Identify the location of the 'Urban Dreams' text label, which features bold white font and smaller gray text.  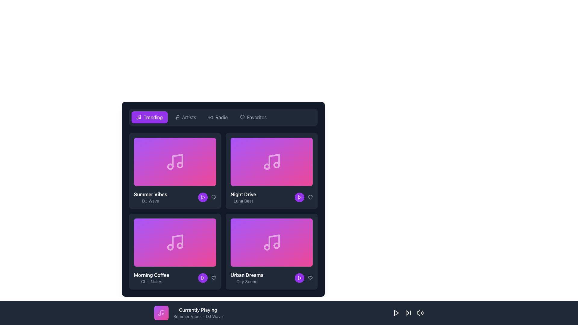
(247, 278).